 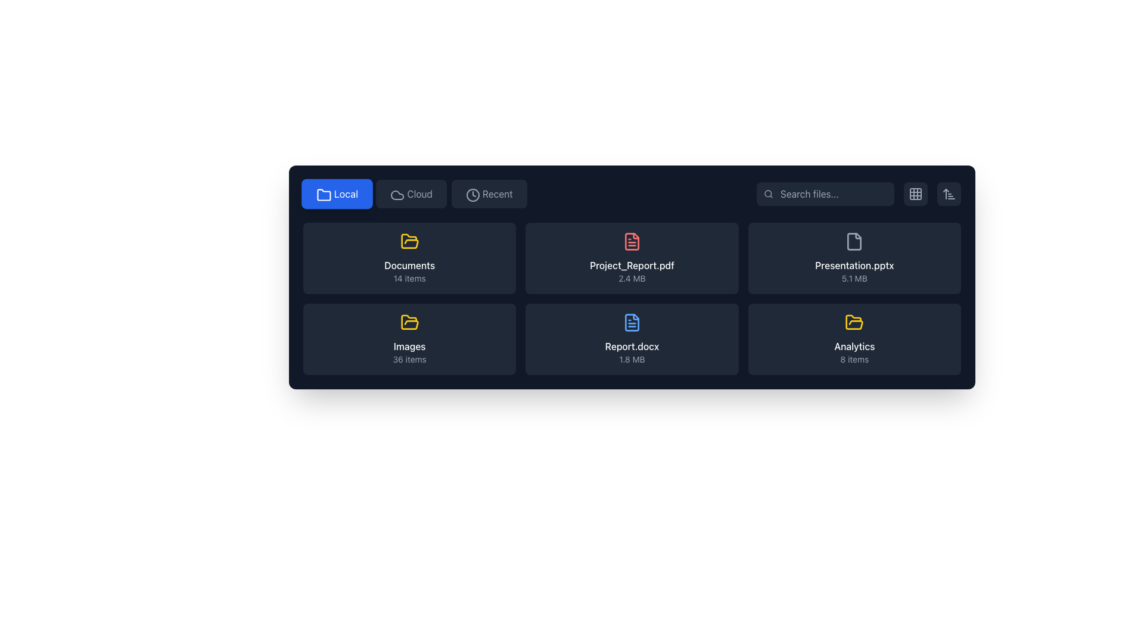 What do you see at coordinates (854, 339) in the screenshot?
I see `the yellow folder tile labeled 'Analytics'` at bounding box center [854, 339].